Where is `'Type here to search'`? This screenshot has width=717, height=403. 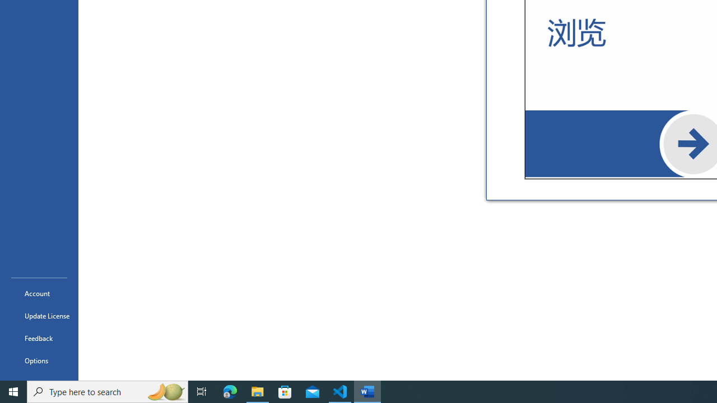
'Type here to search' is located at coordinates (108, 391).